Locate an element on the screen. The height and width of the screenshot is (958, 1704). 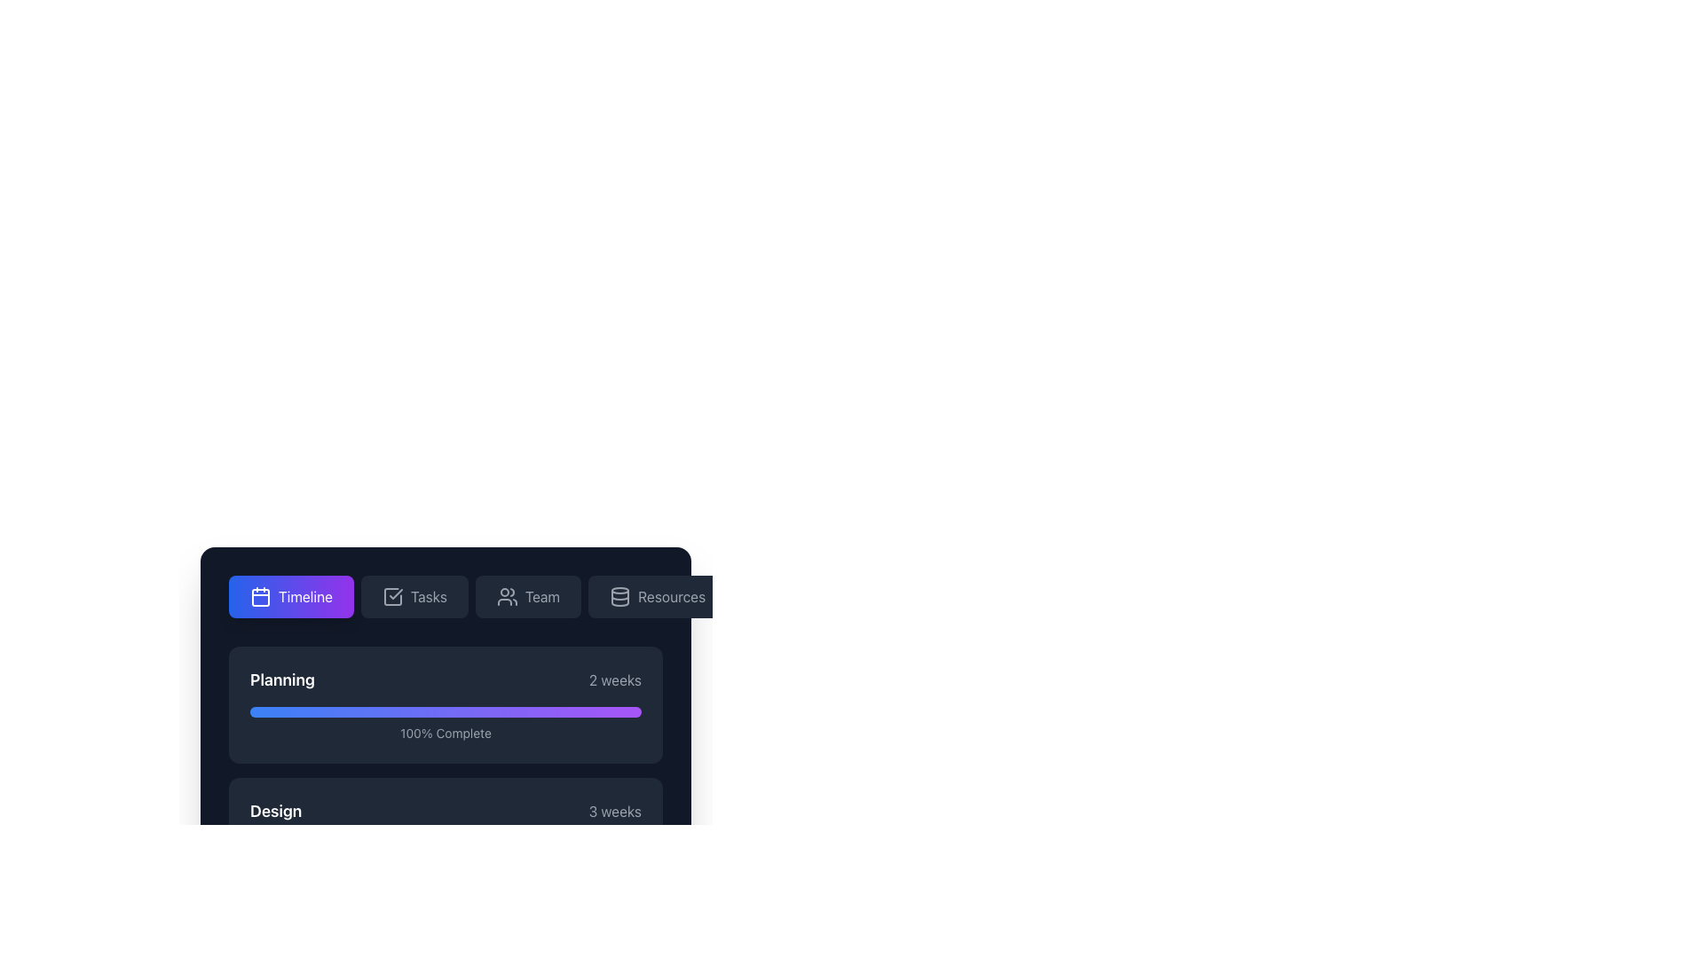
the rectangular component representing the main body of the calendar icon by clicking on it is located at coordinates (259, 598).